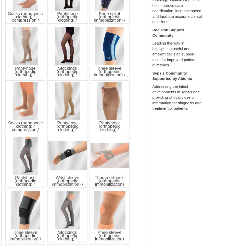  What do you see at coordinates (25, 76) in the screenshot?
I see `'Pantyhose (orthopedic clothing) / compression / woman Juzo® Expert Silver Juzo'` at bounding box center [25, 76].